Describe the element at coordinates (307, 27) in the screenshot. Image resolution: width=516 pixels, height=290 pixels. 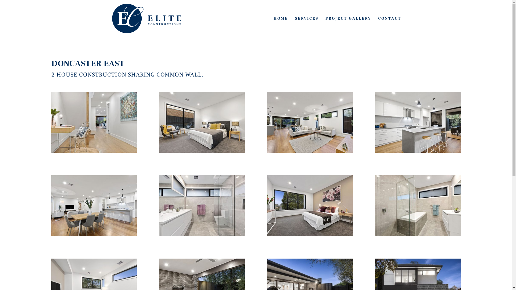
I see `'SERVICES'` at that location.